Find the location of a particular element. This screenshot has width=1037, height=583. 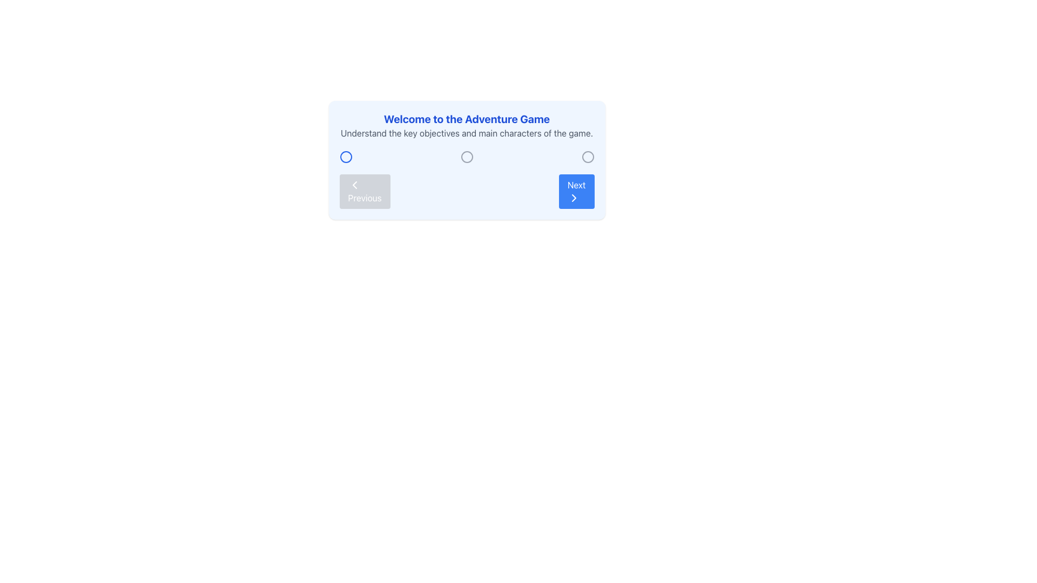

the middle circular icon with a hollow center and gray border, which is centrally positioned within the card labeled 'Welcome to the Adventure Game' is located at coordinates (467, 160).